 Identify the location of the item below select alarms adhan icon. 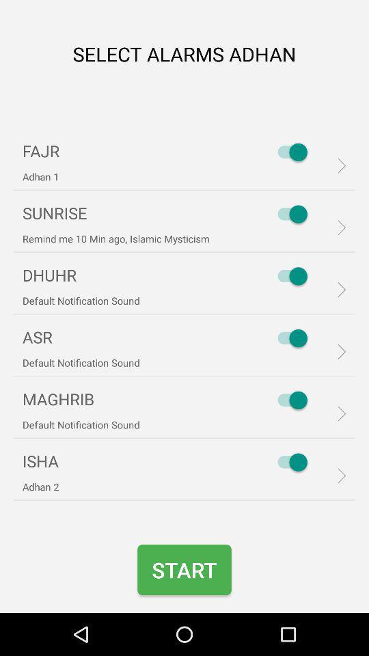
(288, 152).